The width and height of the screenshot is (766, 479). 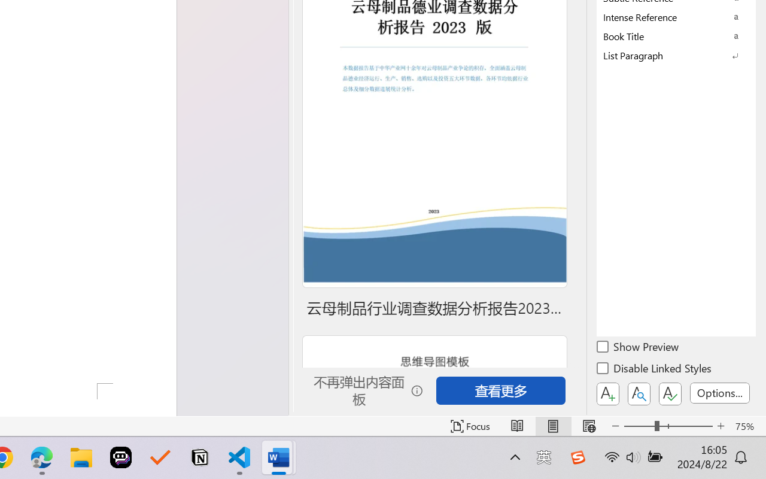 What do you see at coordinates (517, 426) in the screenshot?
I see `'Read Mode'` at bounding box center [517, 426].